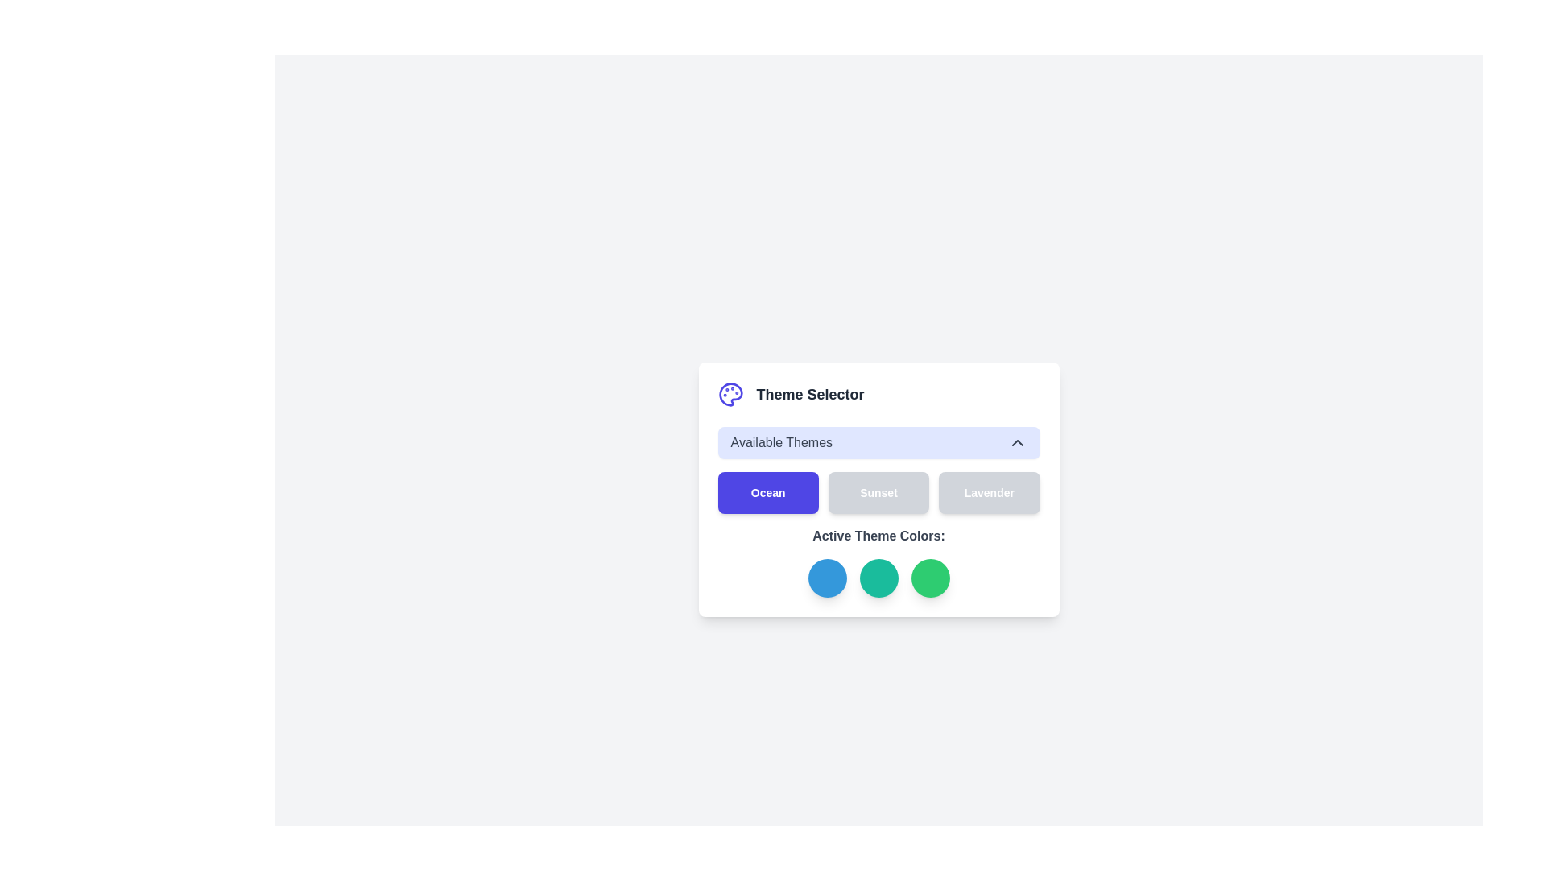 This screenshot has height=870, width=1546. I want to click on the 'Sunset' theme button located in the middle of the theme selection interface to visualize its hover effect, so click(878, 489).